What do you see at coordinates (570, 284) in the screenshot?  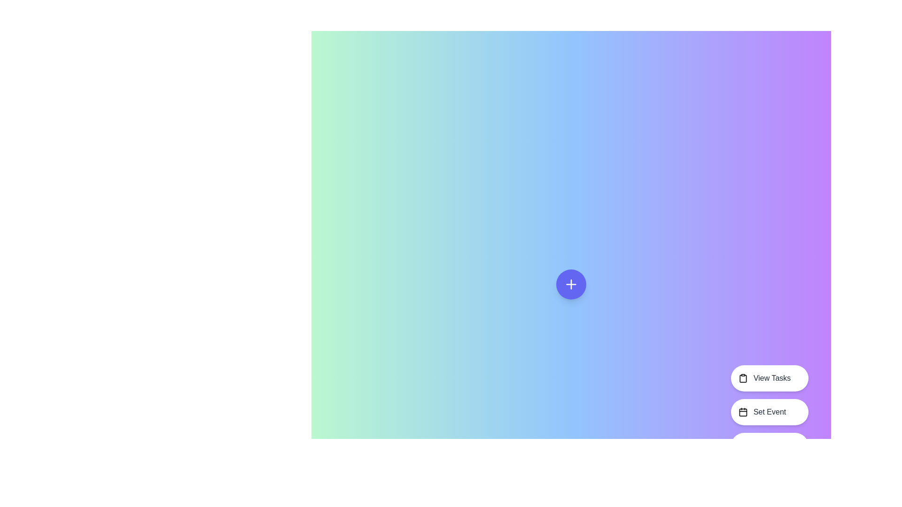 I see `the circular violet button with a white '+' symbol` at bounding box center [570, 284].